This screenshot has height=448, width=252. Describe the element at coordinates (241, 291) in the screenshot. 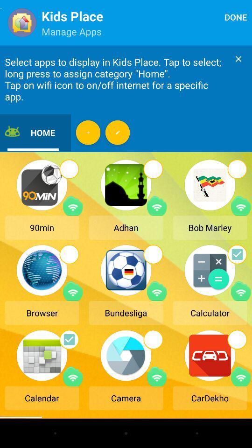

I see `on/off wifi internet` at that location.